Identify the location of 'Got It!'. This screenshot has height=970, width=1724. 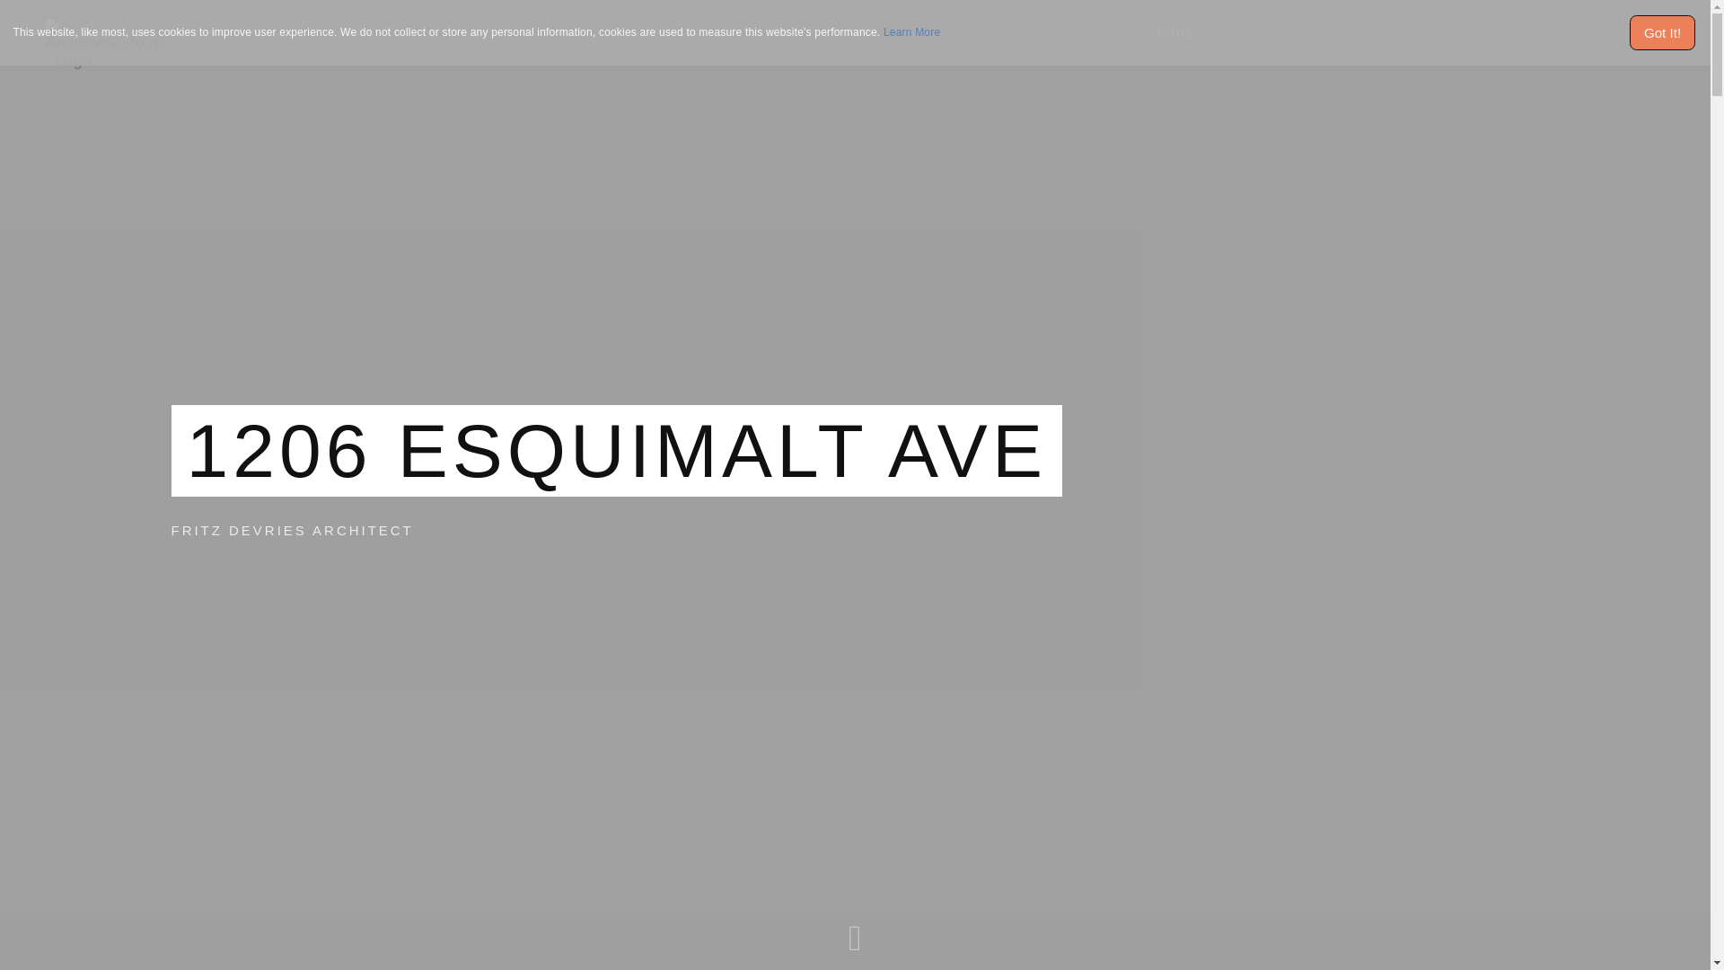
(1661, 32).